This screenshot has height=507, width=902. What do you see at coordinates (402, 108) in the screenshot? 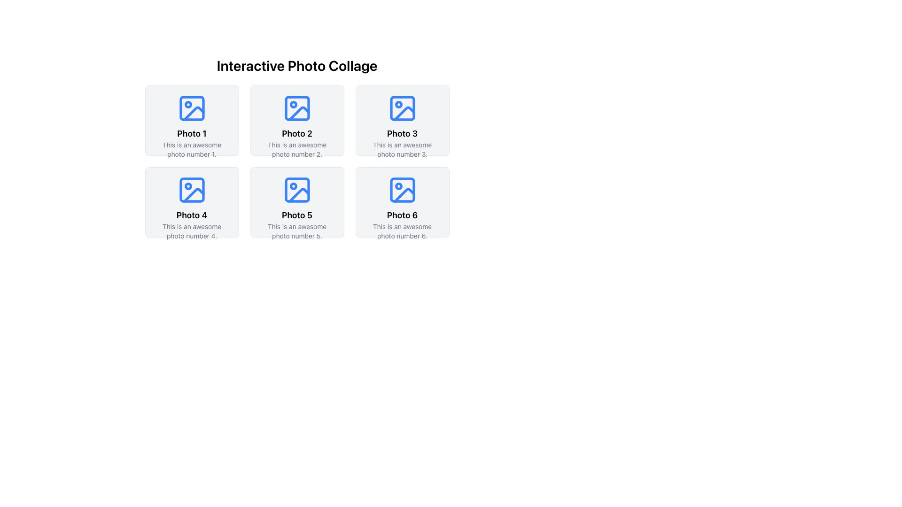
I see `the SVG icon representing an image thumbnail for 'Photo 3' in the top-right cell of the photo collage grid` at bounding box center [402, 108].